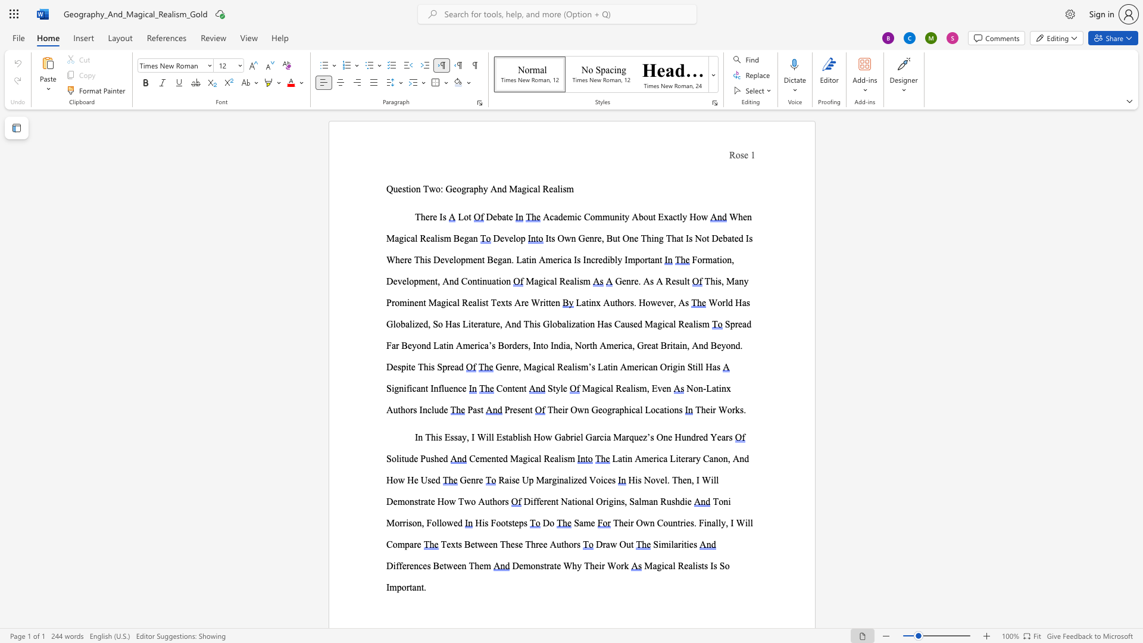  I want to click on the 1th character "R" in the text, so click(423, 238).